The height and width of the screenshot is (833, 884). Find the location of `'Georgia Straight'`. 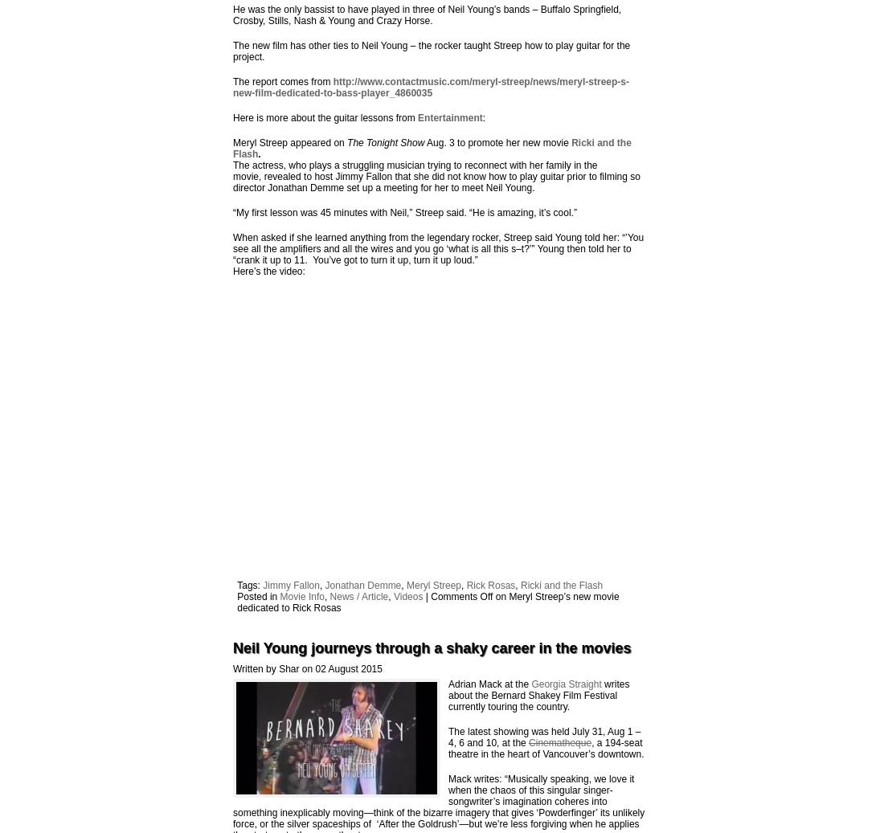

'Georgia Straight' is located at coordinates (530, 683).